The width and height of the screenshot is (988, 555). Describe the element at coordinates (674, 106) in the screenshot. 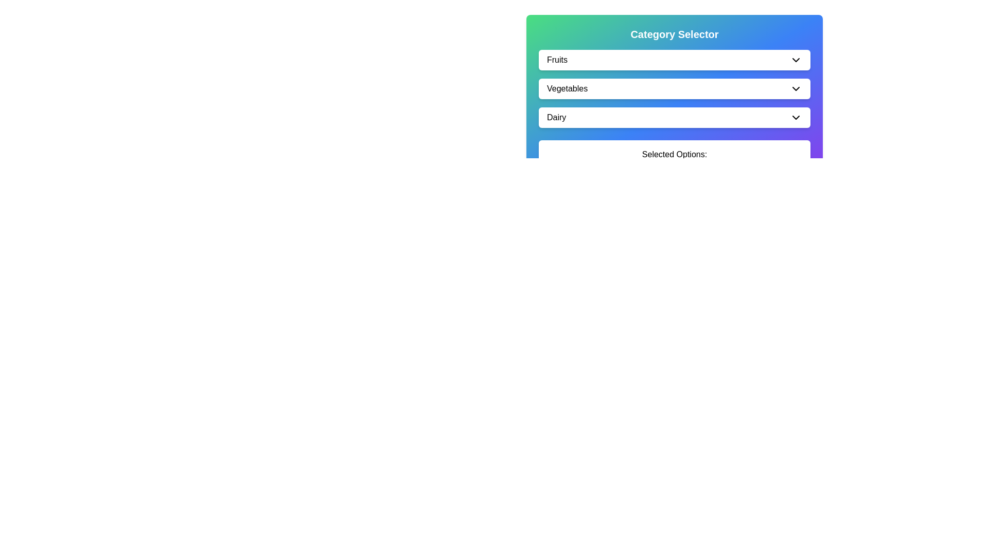

I see `the middle dropdown menu option labeled 'Vegetables'` at that location.